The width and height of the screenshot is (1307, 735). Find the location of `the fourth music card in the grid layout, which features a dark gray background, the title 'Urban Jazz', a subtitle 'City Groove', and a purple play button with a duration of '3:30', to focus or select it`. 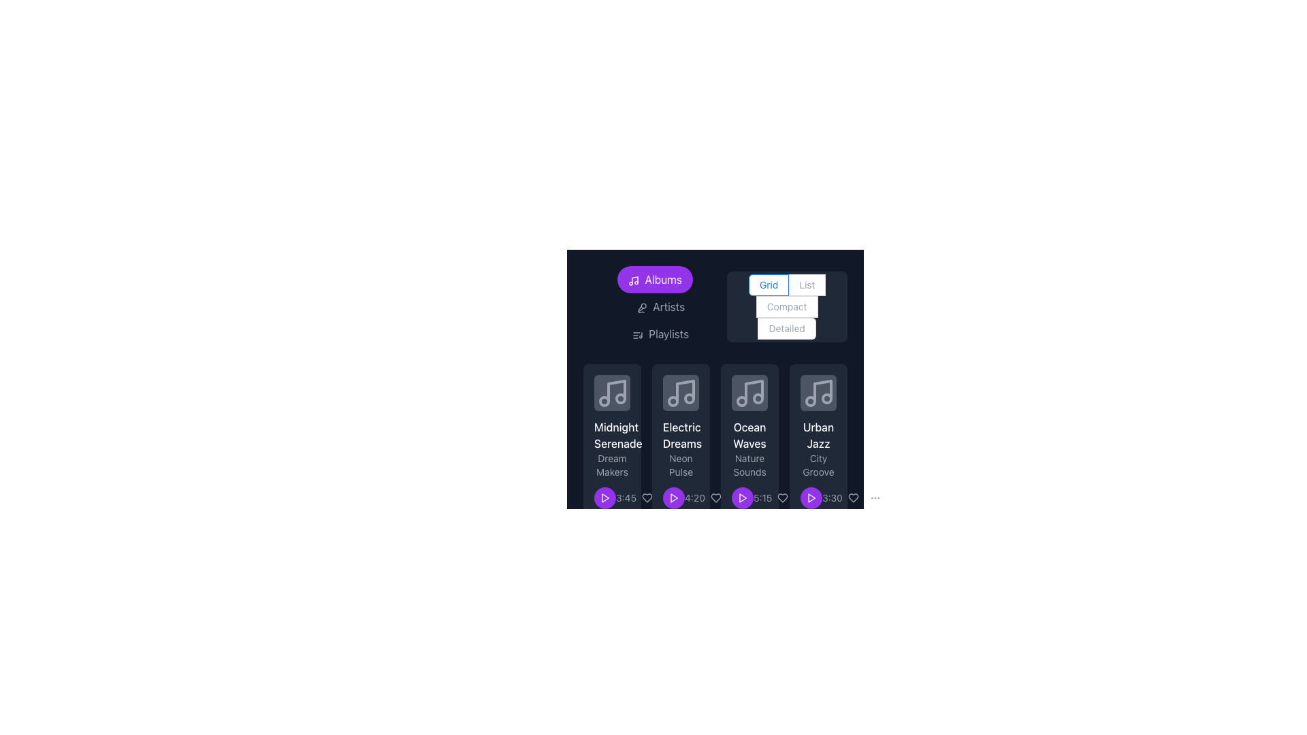

the fourth music card in the grid layout, which features a dark gray background, the title 'Urban Jazz', a subtitle 'City Groove', and a purple play button with a duration of '3:30', to focus or select it is located at coordinates (818, 442).